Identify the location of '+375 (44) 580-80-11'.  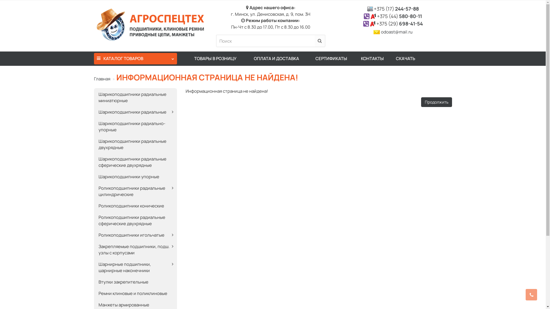
(399, 16).